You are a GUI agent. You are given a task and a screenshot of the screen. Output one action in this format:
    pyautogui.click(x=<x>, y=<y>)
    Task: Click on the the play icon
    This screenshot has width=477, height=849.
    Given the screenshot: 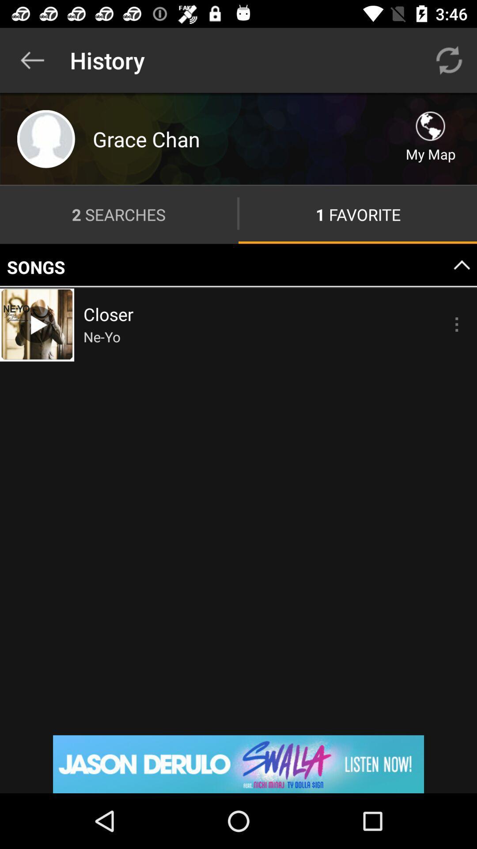 What is the action you would take?
    pyautogui.click(x=37, y=324)
    